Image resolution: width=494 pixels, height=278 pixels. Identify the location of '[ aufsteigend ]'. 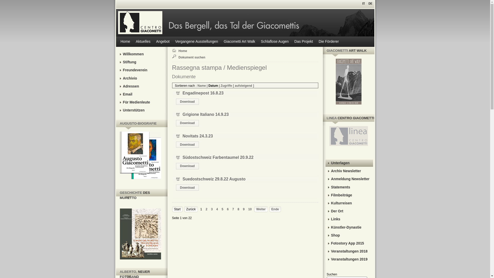
(243, 85).